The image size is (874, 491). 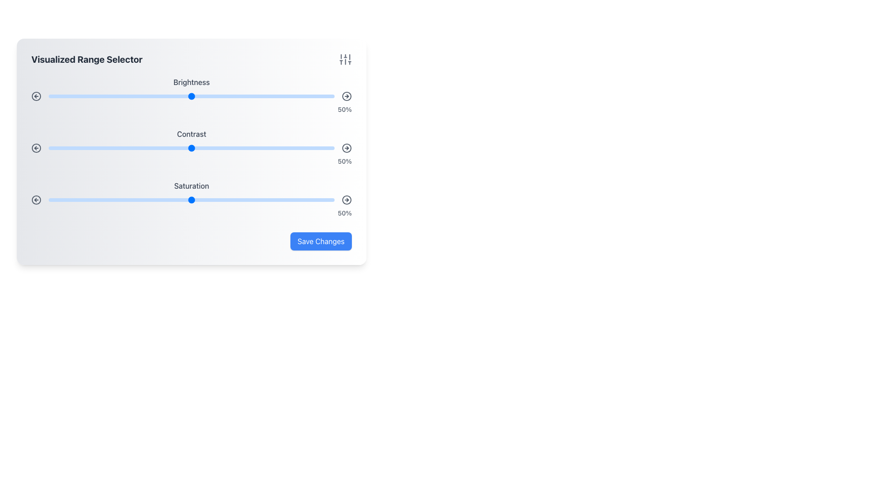 What do you see at coordinates (86, 96) in the screenshot?
I see `the brightness` at bounding box center [86, 96].